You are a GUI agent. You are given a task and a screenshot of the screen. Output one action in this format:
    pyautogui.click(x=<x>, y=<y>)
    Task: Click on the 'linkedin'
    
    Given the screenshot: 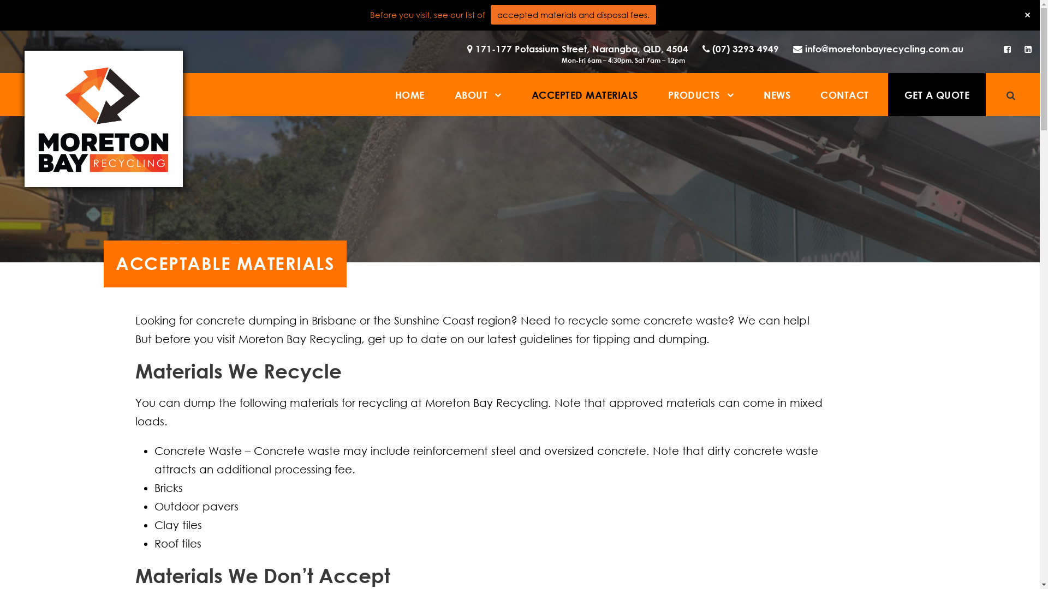 What is the action you would take?
    pyautogui.click(x=1023, y=48)
    